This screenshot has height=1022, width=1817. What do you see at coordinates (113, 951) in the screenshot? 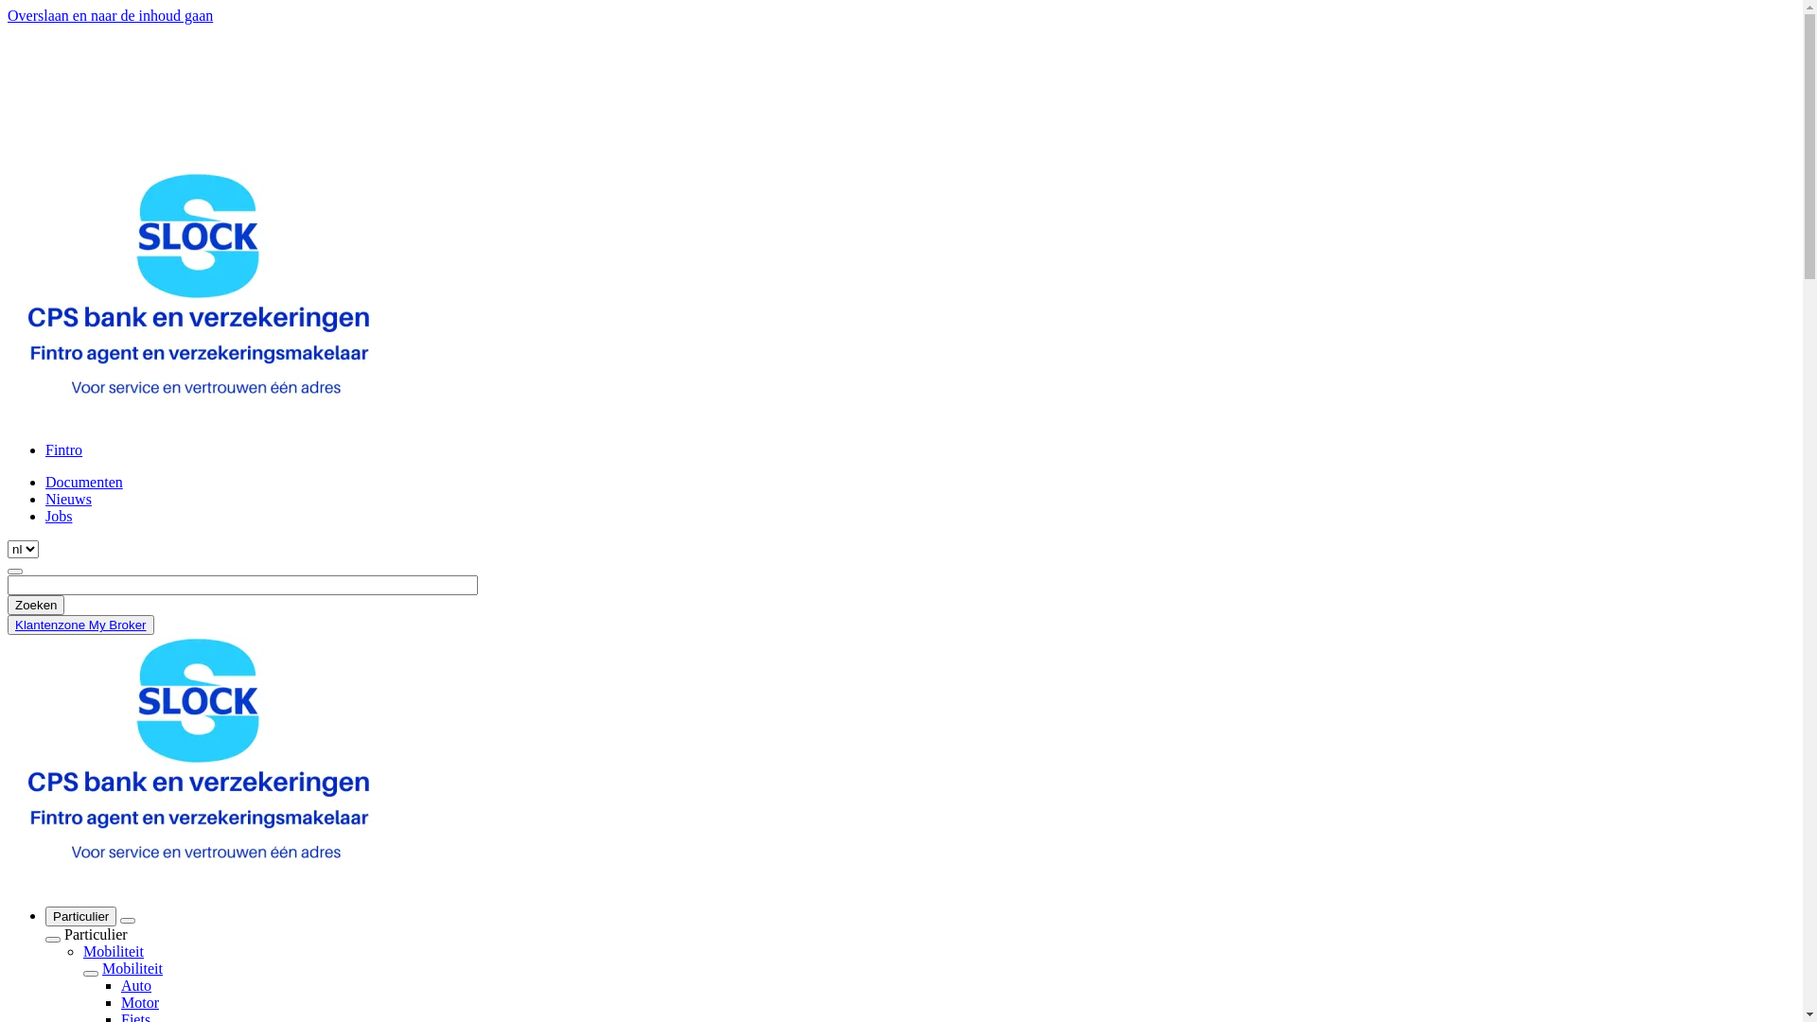
I see `'Mobiliteit'` at bounding box center [113, 951].